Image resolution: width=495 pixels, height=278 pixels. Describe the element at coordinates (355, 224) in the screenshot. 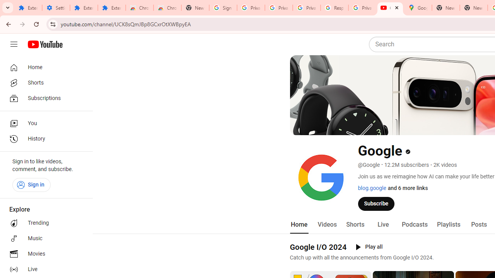

I see `'Shorts'` at that location.